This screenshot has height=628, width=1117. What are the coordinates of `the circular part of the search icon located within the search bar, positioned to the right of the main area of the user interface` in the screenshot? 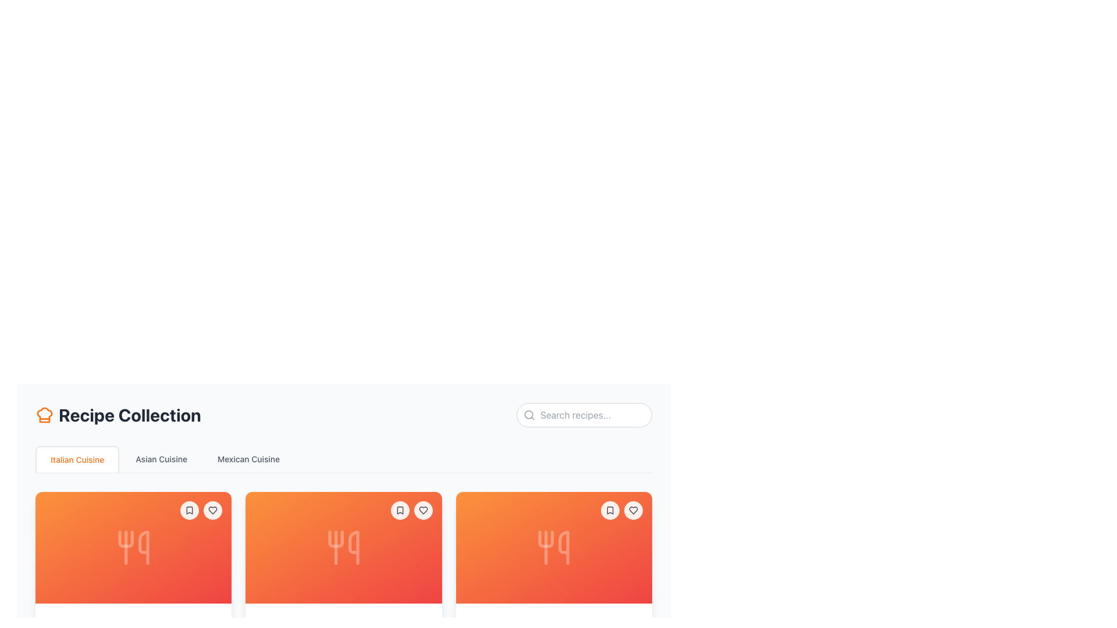 It's located at (528, 414).